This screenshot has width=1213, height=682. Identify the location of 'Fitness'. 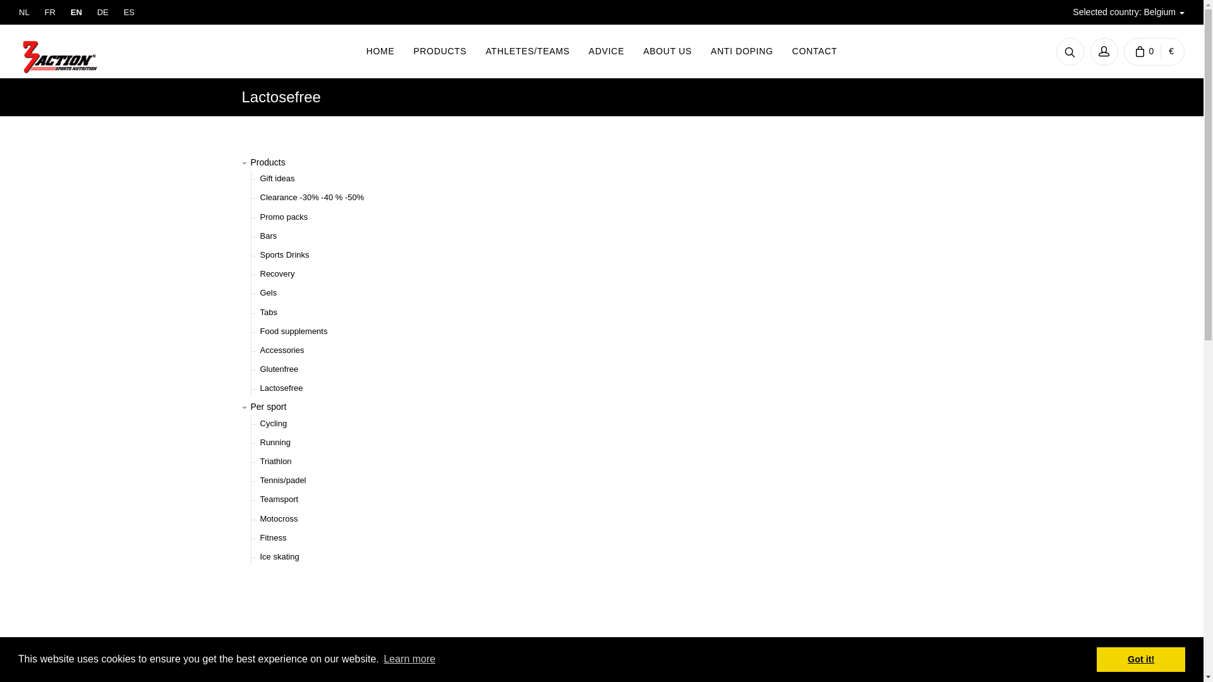
(260, 537).